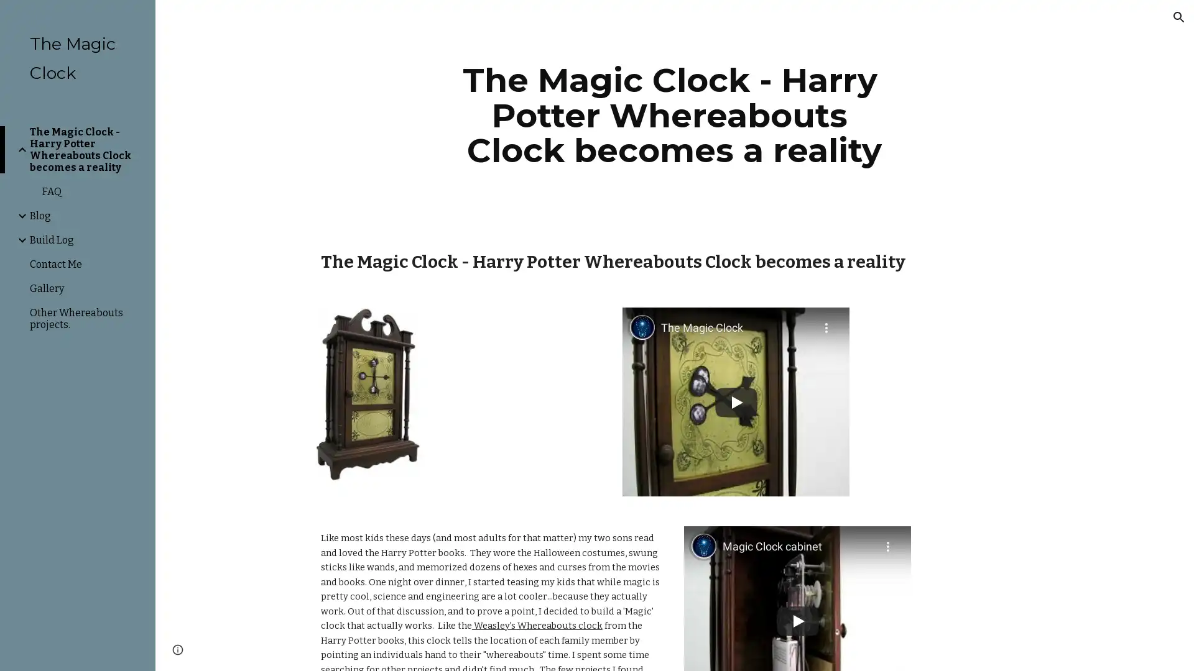 Image resolution: width=1194 pixels, height=671 pixels. I want to click on Google Sites, so click(252, 649).